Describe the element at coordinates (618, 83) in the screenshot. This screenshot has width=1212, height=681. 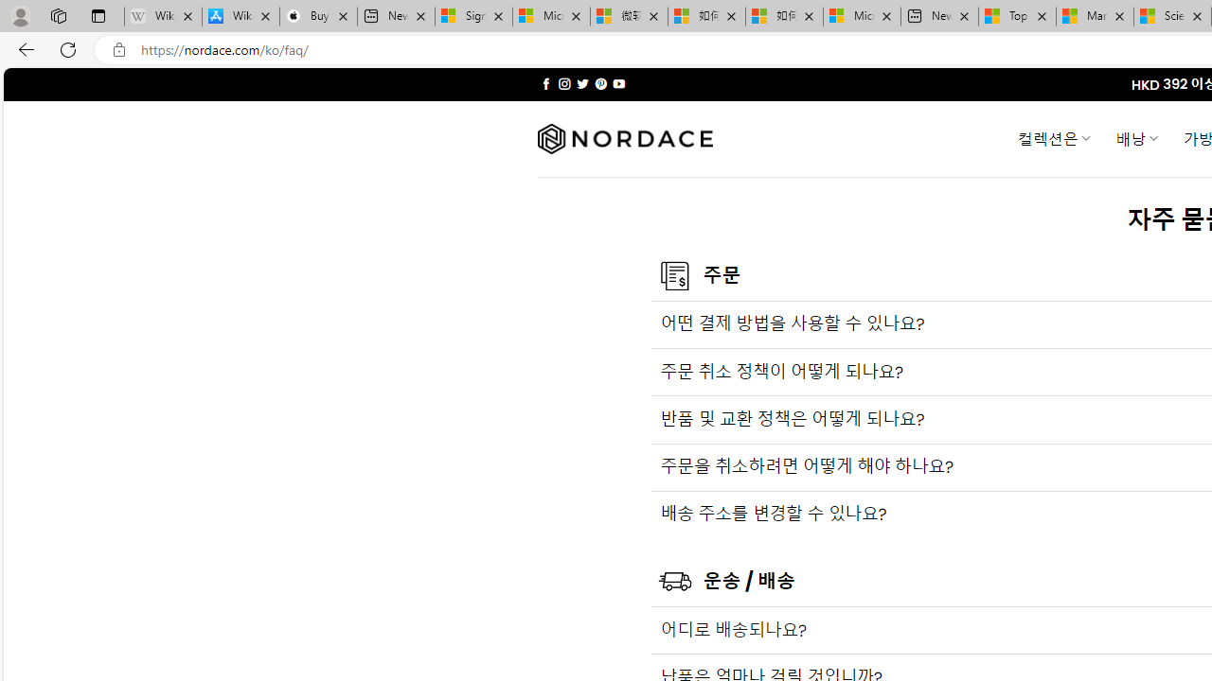
I see `'Follow on YouTube'` at that location.